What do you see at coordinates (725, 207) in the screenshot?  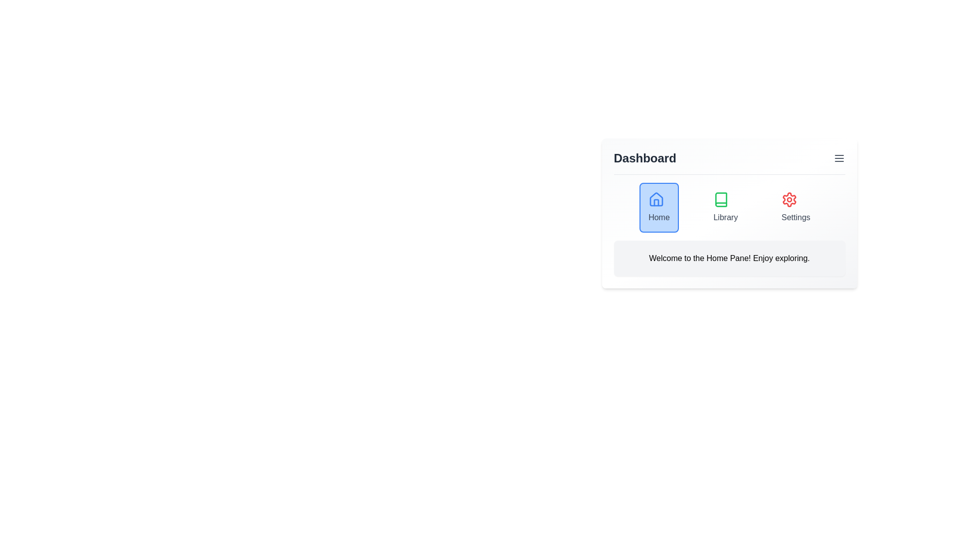 I see `the 'Library' button, which is the second button from the left in a row of three buttons, to trigger a visual effect` at bounding box center [725, 207].